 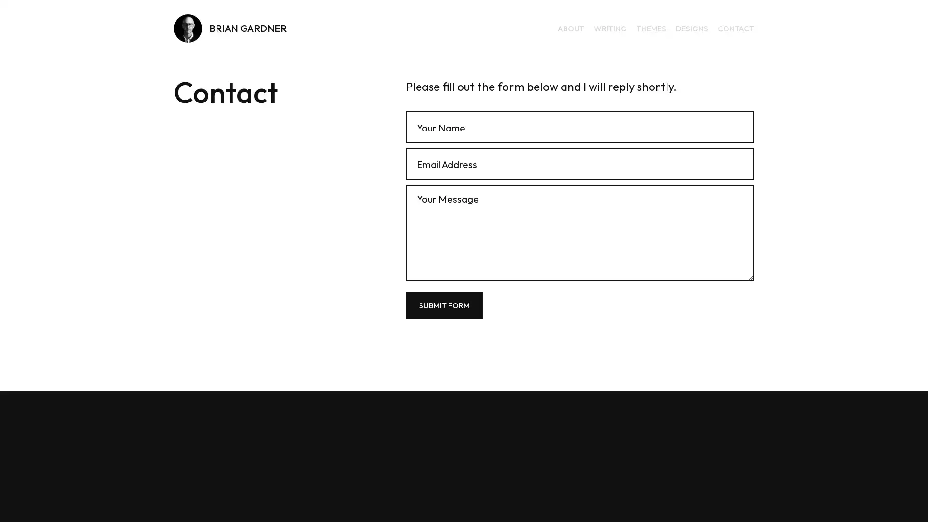 What do you see at coordinates (444, 305) in the screenshot?
I see `Submit Form` at bounding box center [444, 305].